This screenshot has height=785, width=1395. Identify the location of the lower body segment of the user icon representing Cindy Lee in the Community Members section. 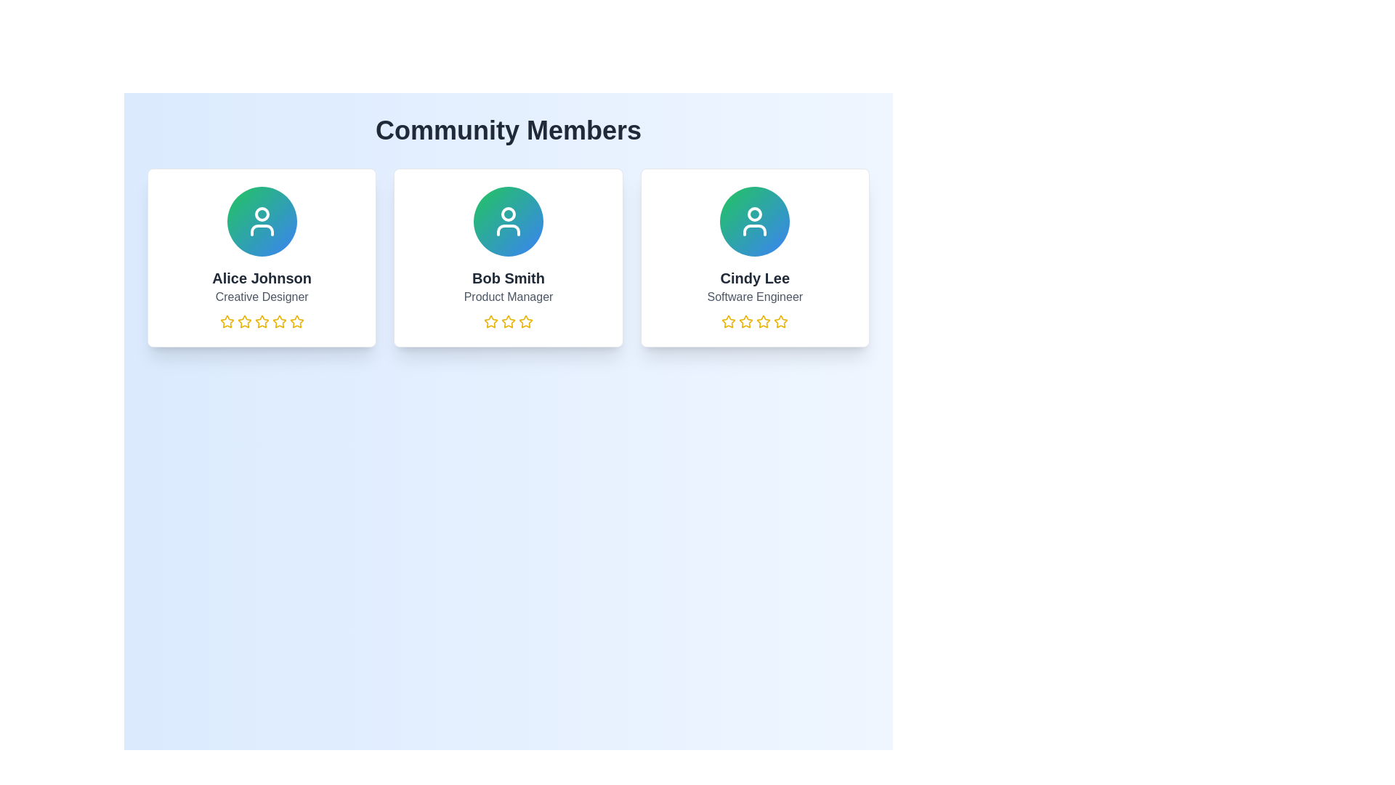
(755, 229).